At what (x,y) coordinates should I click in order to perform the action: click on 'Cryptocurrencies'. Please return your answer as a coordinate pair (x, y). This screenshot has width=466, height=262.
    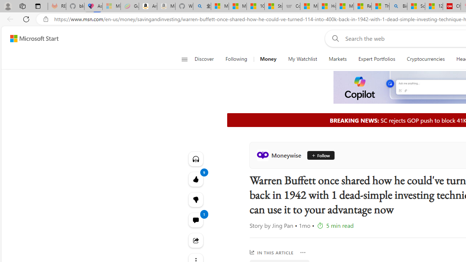
    Looking at the image, I should click on (426, 59).